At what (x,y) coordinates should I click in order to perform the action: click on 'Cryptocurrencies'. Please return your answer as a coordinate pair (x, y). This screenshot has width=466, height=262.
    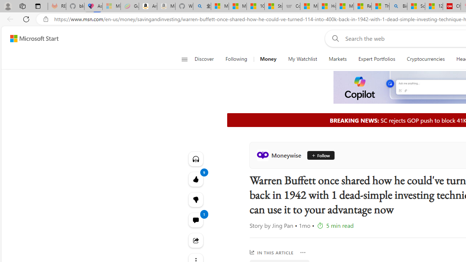
    Looking at the image, I should click on (426, 59).